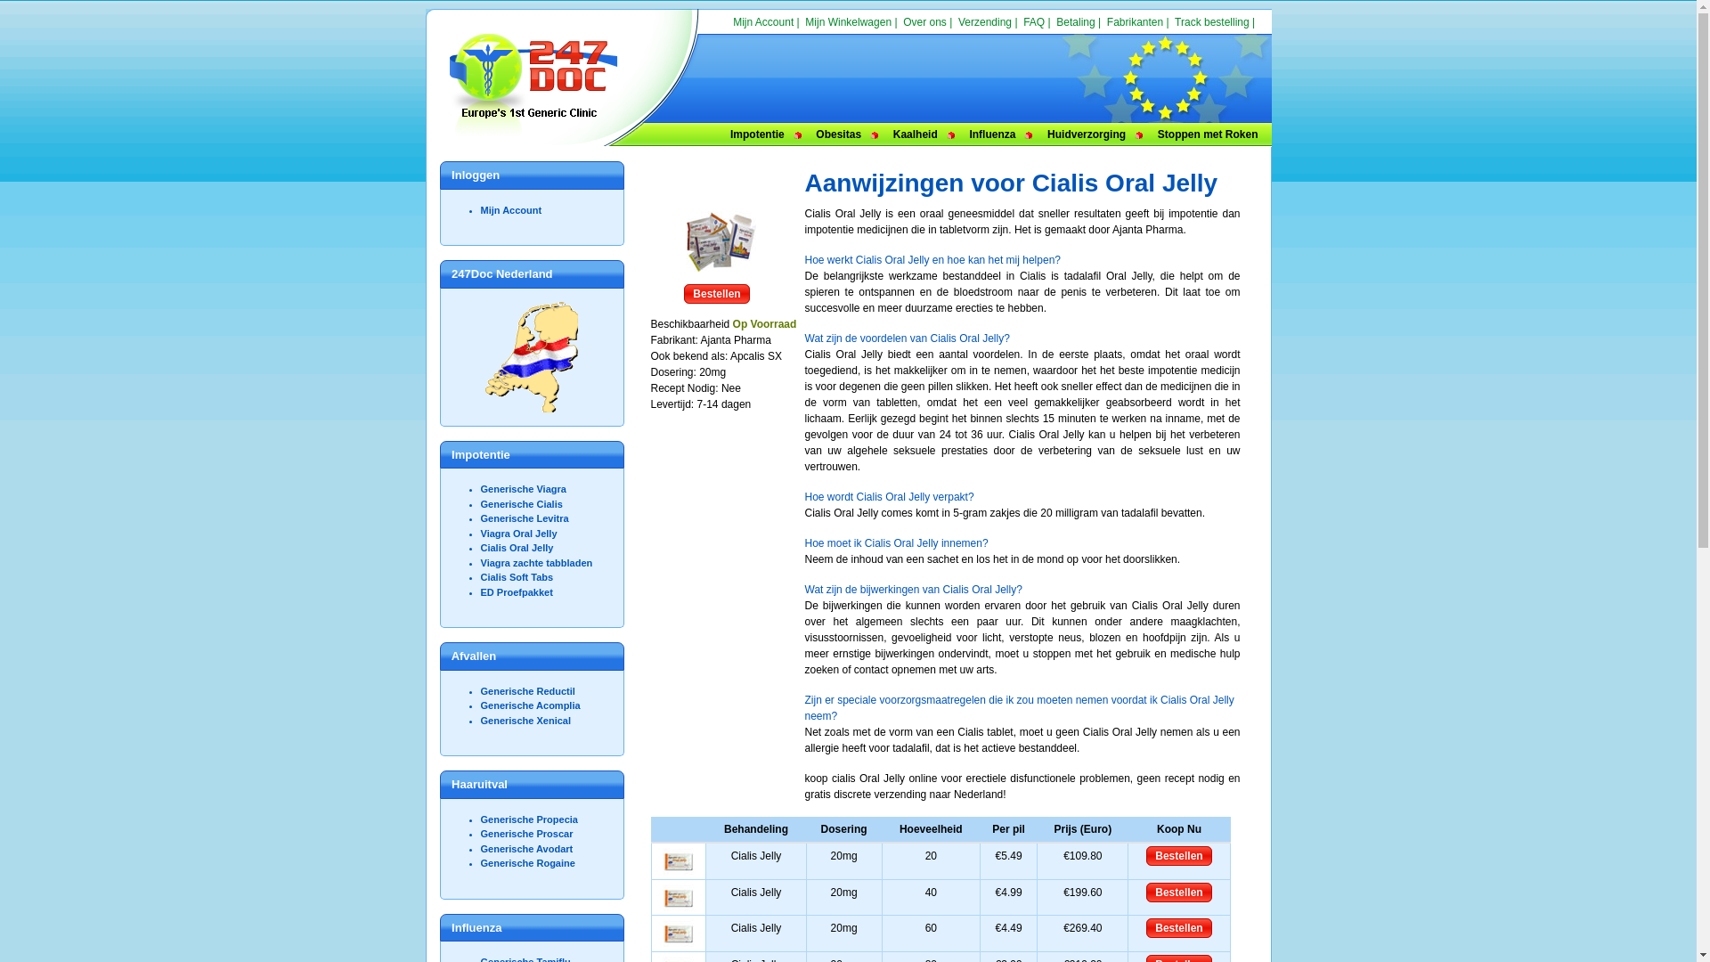 This screenshot has width=1710, height=962. I want to click on 'Generische Reductil', so click(527, 689).